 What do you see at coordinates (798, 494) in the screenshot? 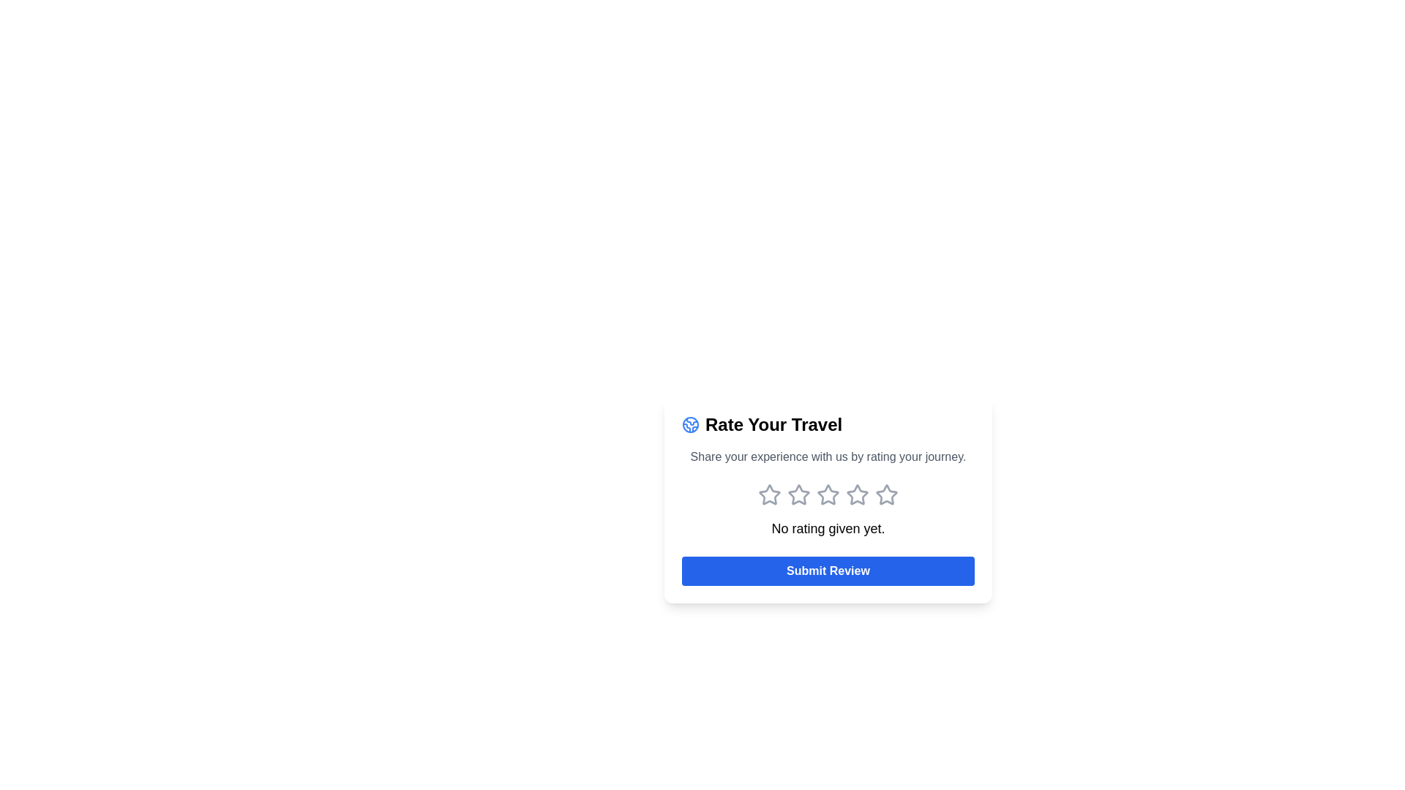
I see `the second star-shaped icon in the row of five stars to rate 2 stars, located below the text 'Share your experience with us by rating your journey.'` at bounding box center [798, 494].